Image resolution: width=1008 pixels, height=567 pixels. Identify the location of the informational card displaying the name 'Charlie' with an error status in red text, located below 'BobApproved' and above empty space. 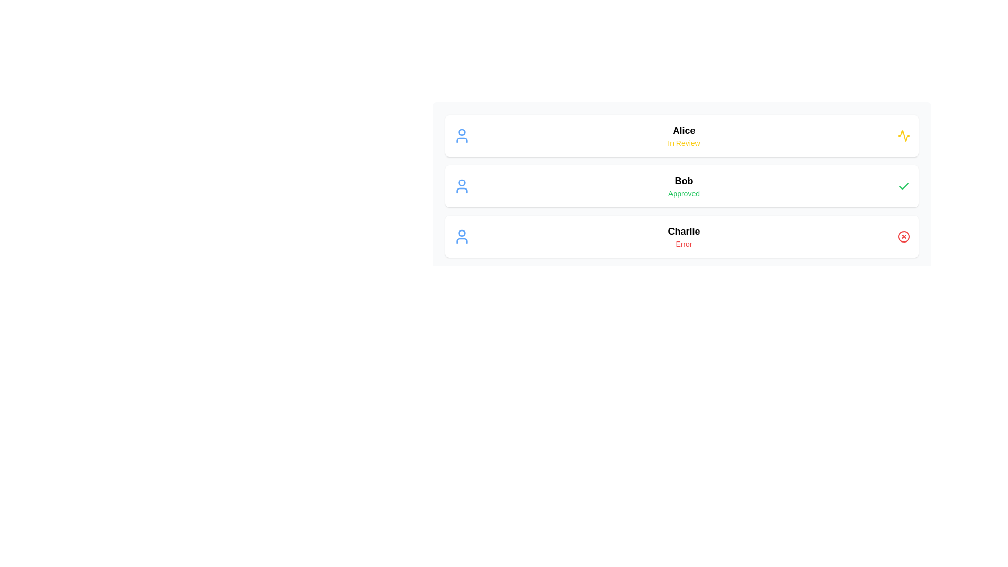
(682, 237).